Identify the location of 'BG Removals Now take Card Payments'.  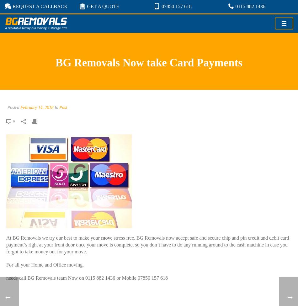
(55, 62).